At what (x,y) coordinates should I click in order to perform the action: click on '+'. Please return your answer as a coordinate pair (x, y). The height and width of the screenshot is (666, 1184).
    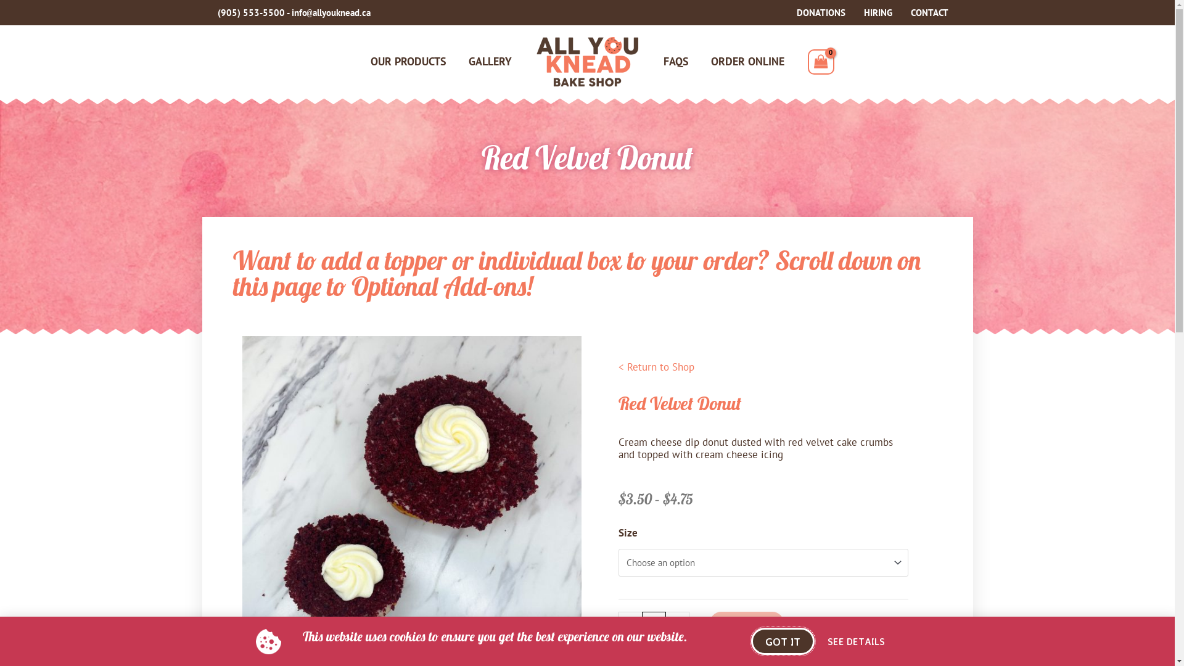
    Looking at the image, I should click on (677, 622).